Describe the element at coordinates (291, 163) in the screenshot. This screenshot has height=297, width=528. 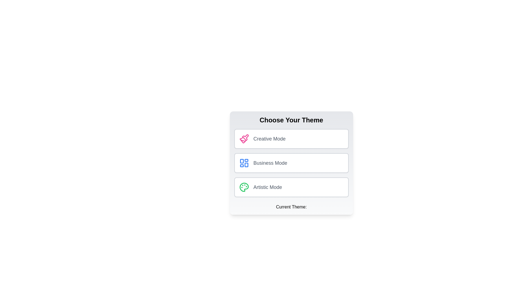
I see `the button corresponding to the selected theme: Business Mode` at that location.